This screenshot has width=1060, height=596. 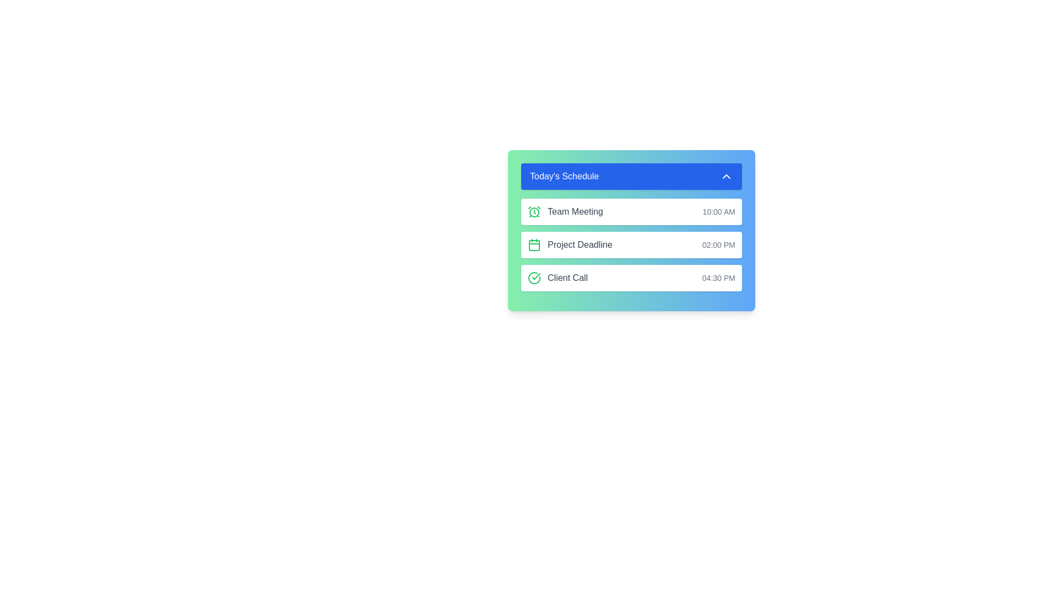 I want to click on the schedule item corresponding to Project Deadline, so click(x=631, y=244).